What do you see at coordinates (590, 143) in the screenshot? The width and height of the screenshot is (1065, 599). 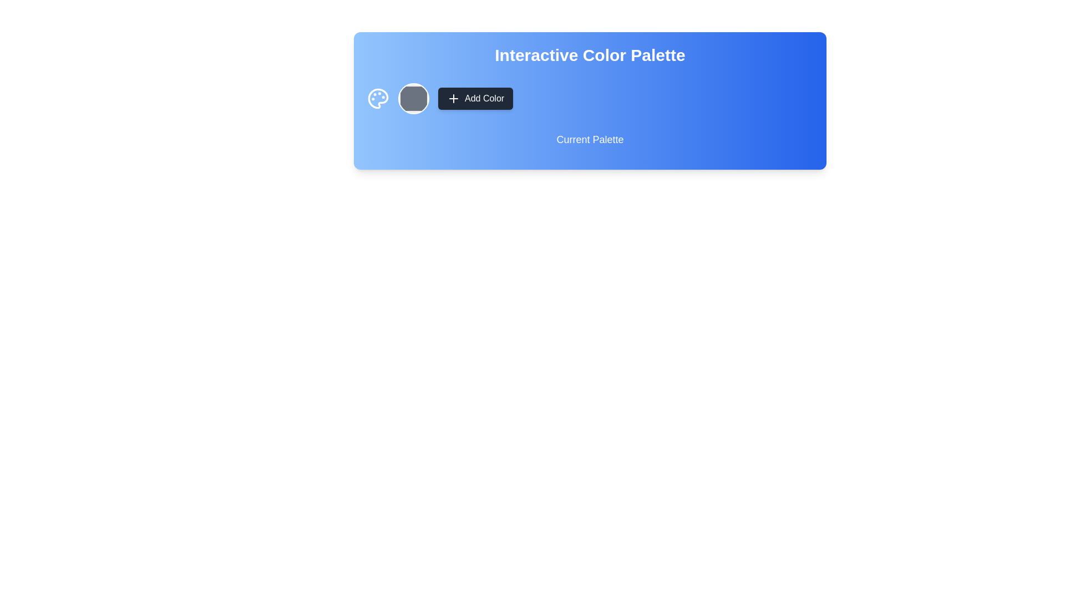 I see `the text label that serves as a header for the current selection in the 'Interactive Color Palette' section, located below the 'Add Color' button` at bounding box center [590, 143].